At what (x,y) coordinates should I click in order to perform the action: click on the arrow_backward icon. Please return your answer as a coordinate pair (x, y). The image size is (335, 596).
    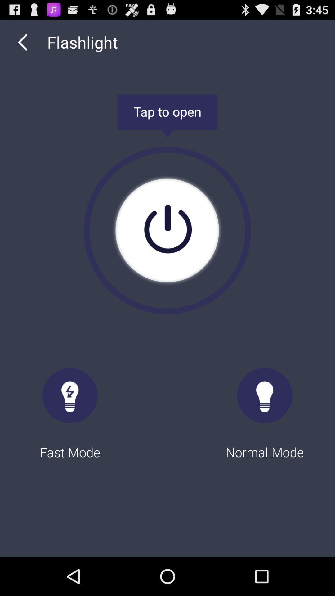
    Looking at the image, I should click on (22, 45).